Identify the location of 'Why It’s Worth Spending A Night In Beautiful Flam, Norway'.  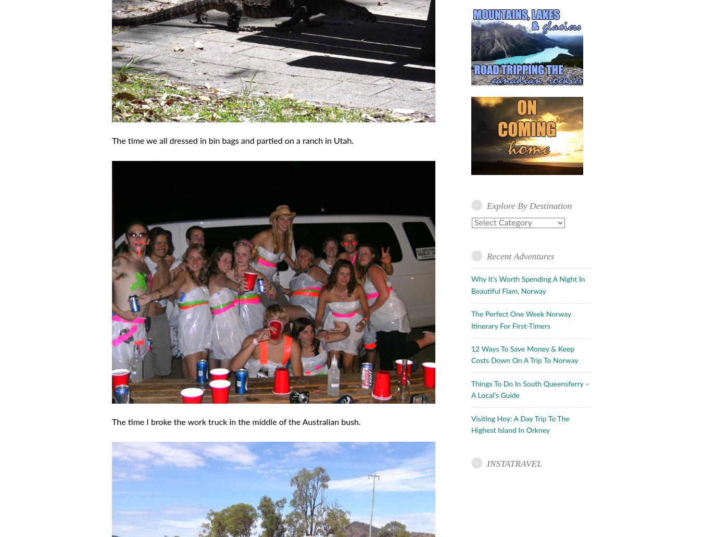
(528, 284).